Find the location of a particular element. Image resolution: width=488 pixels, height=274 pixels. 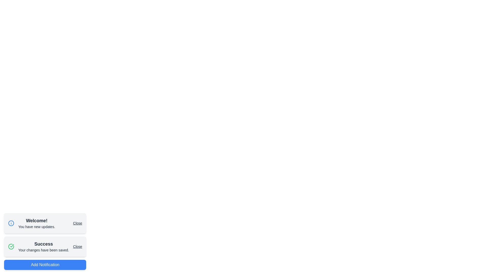

the text element that says 'Welcome!' located in the notification box, which is the first notification in a vertically stacked list is located at coordinates (36, 223).